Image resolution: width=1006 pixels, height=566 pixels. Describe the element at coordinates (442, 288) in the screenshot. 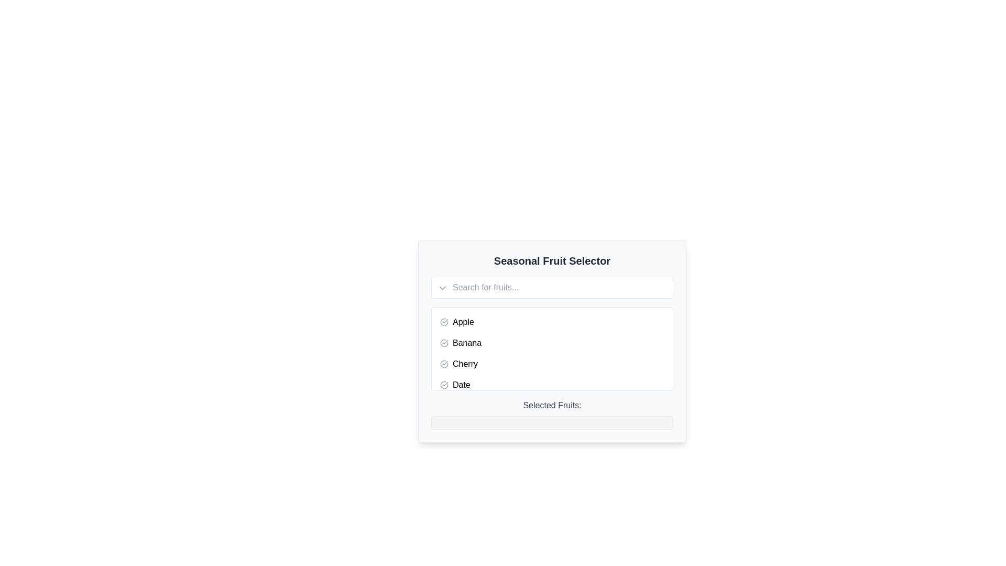

I see `the chevron SVG Icon located in the top-left corner of the search input field to trigger possible hover effects` at that location.